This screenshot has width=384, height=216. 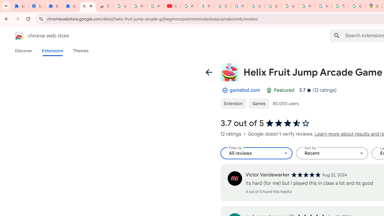 What do you see at coordinates (259, 103) in the screenshot?
I see `'Games'` at bounding box center [259, 103].